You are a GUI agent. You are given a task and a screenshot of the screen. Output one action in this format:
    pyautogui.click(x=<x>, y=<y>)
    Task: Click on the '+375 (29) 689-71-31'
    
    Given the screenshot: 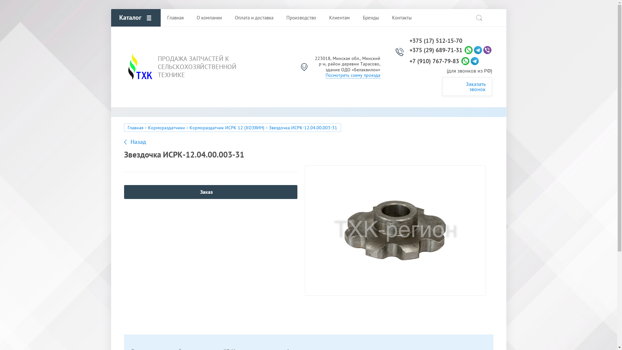 What is the action you would take?
    pyautogui.click(x=436, y=50)
    